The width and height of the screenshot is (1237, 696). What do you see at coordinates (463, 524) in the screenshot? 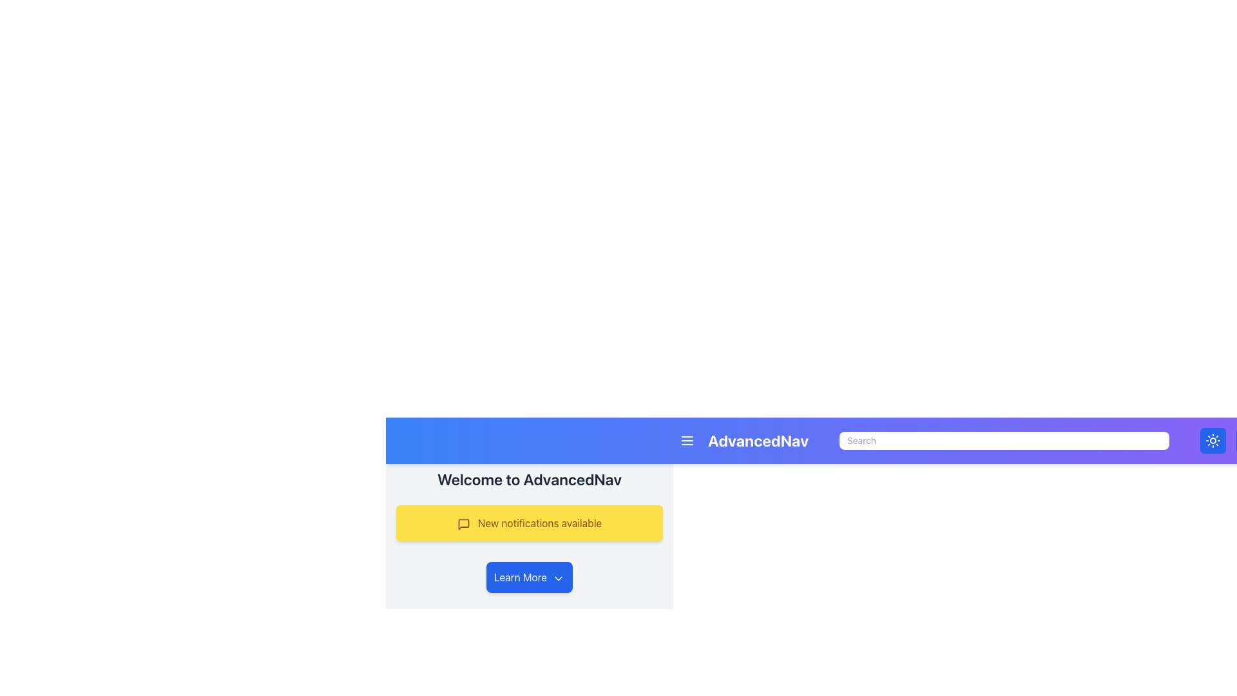
I see `the notification icon located on the yellow notification bar next to the text 'New notifications available'` at bounding box center [463, 524].